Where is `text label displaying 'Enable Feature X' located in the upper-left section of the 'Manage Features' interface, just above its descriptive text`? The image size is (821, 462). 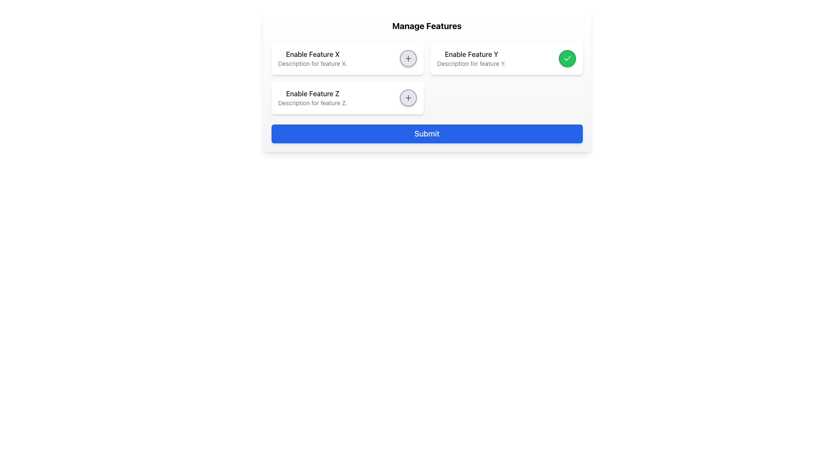
text label displaying 'Enable Feature X' located in the upper-left section of the 'Manage Features' interface, just above its descriptive text is located at coordinates (312, 54).